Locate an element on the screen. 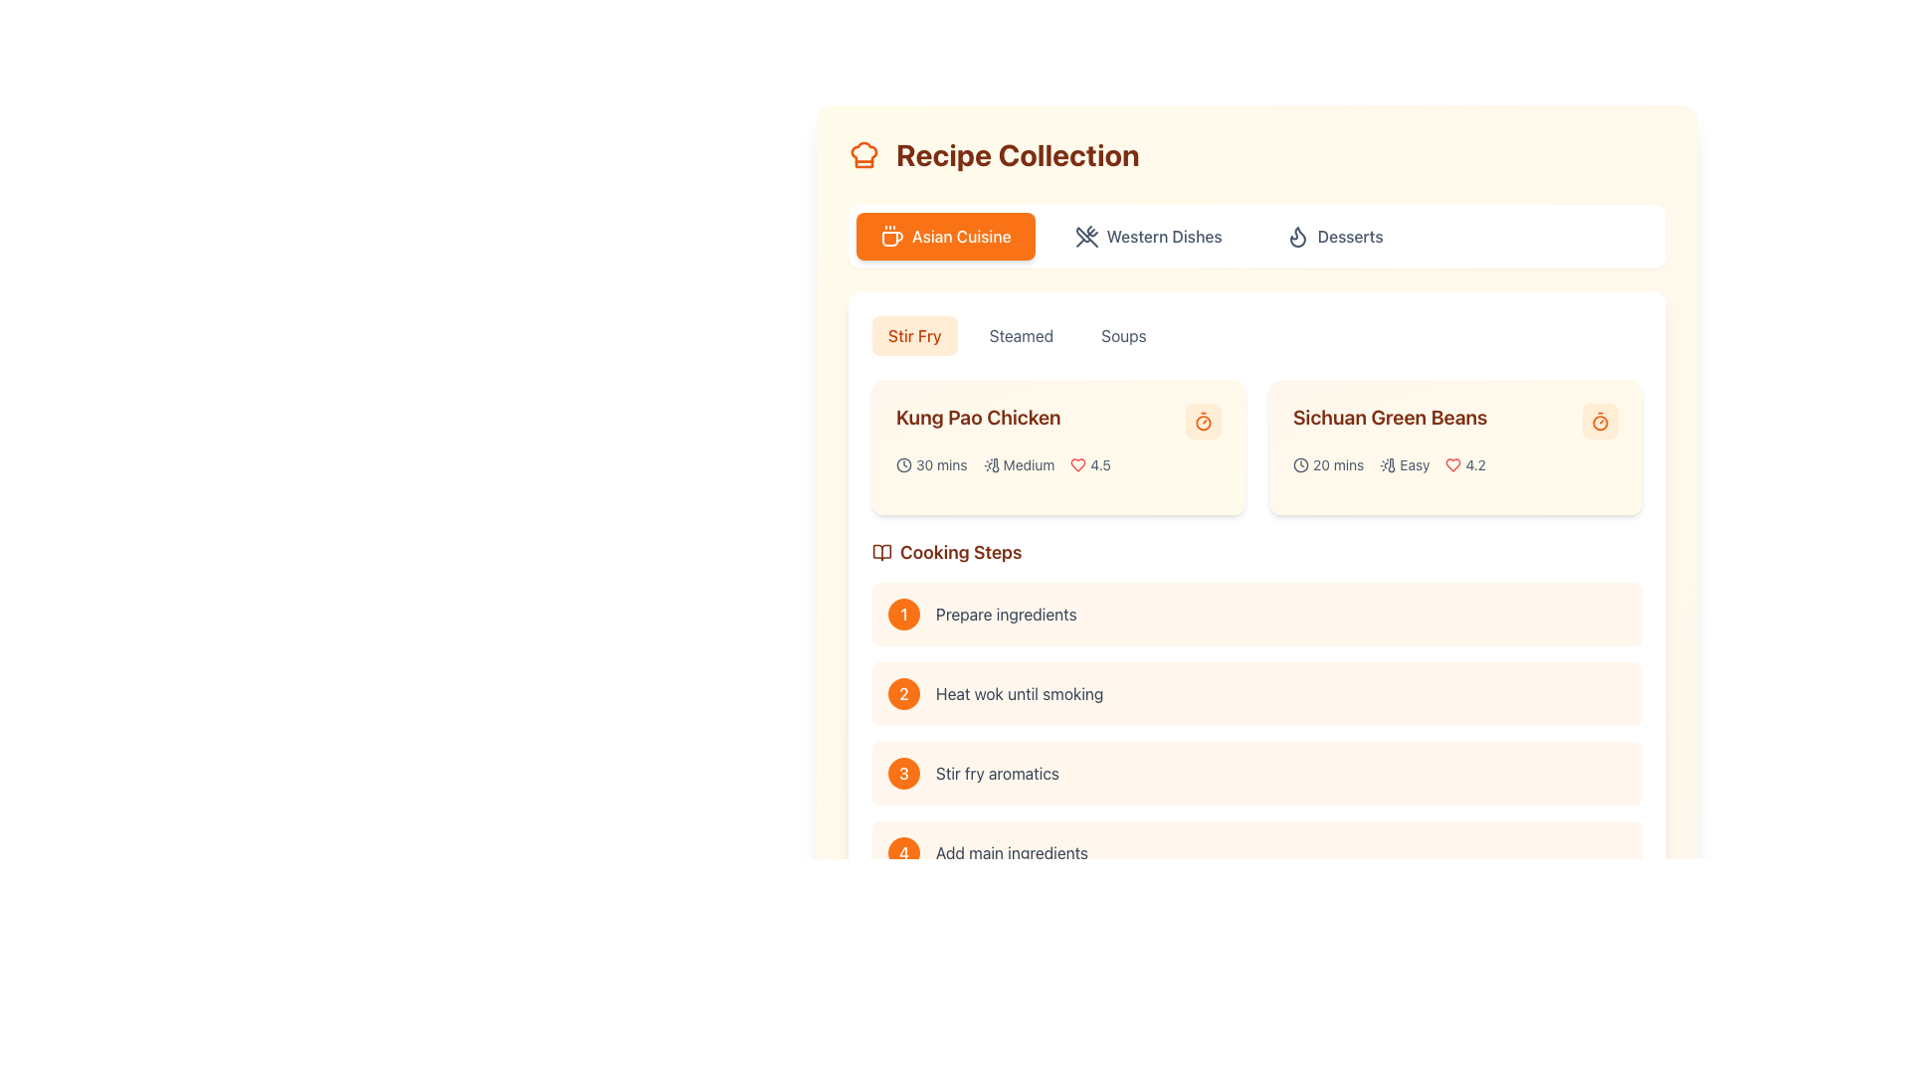 Image resolution: width=1910 pixels, height=1074 pixels. the text label displaying 'Sichuan Green Beans' is located at coordinates (1455, 421).